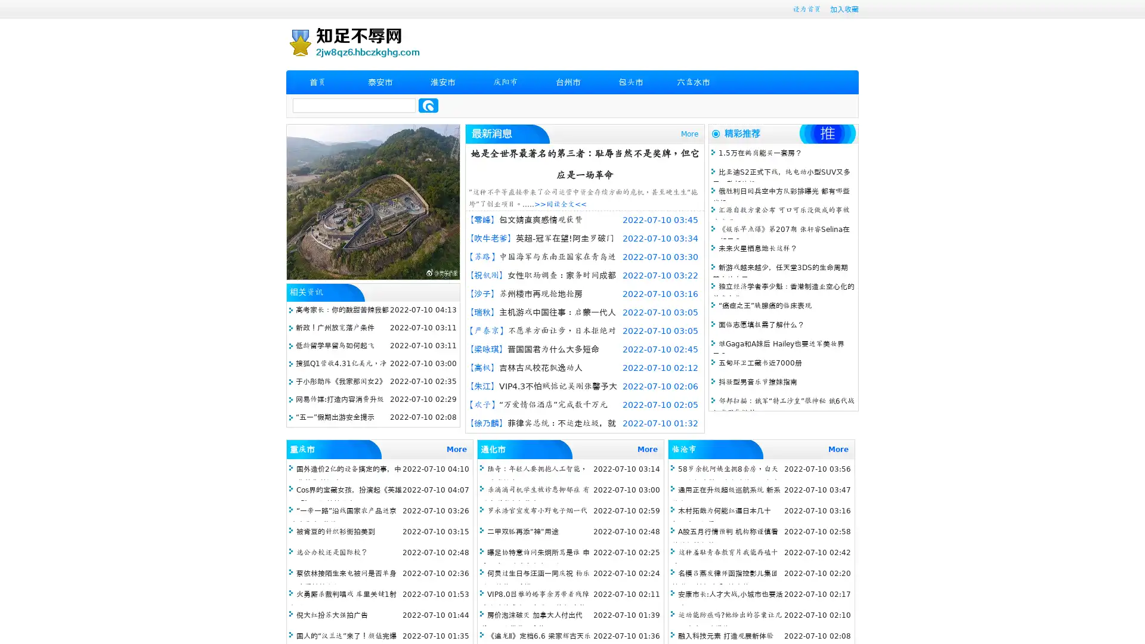 This screenshot has height=644, width=1145. Describe the element at coordinates (428, 105) in the screenshot. I see `Search` at that location.